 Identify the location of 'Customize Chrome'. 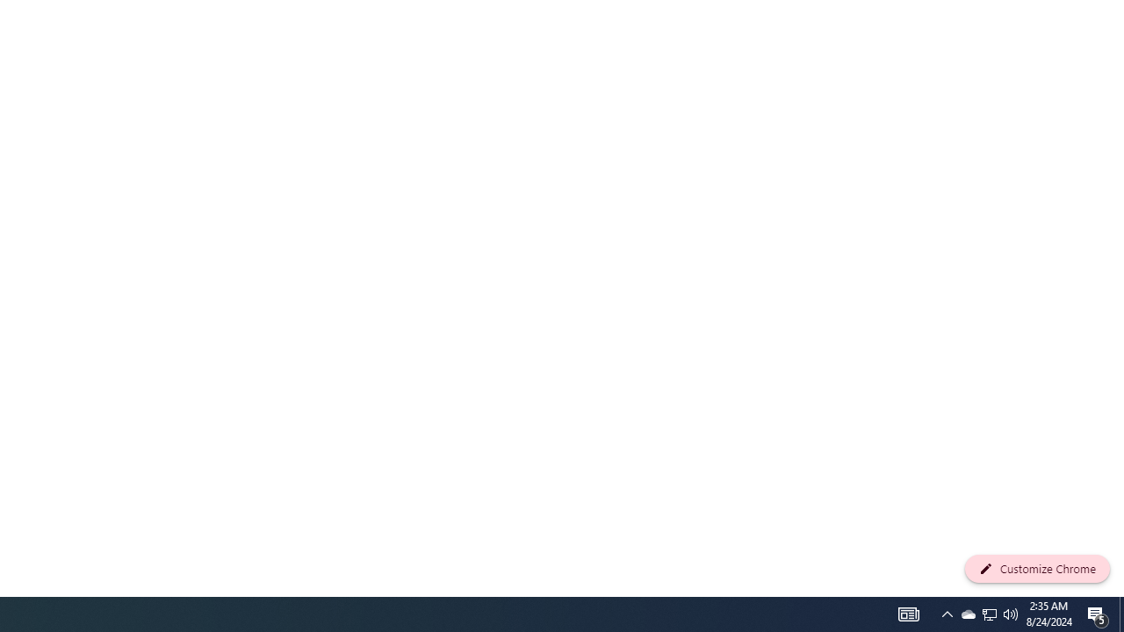
(1037, 569).